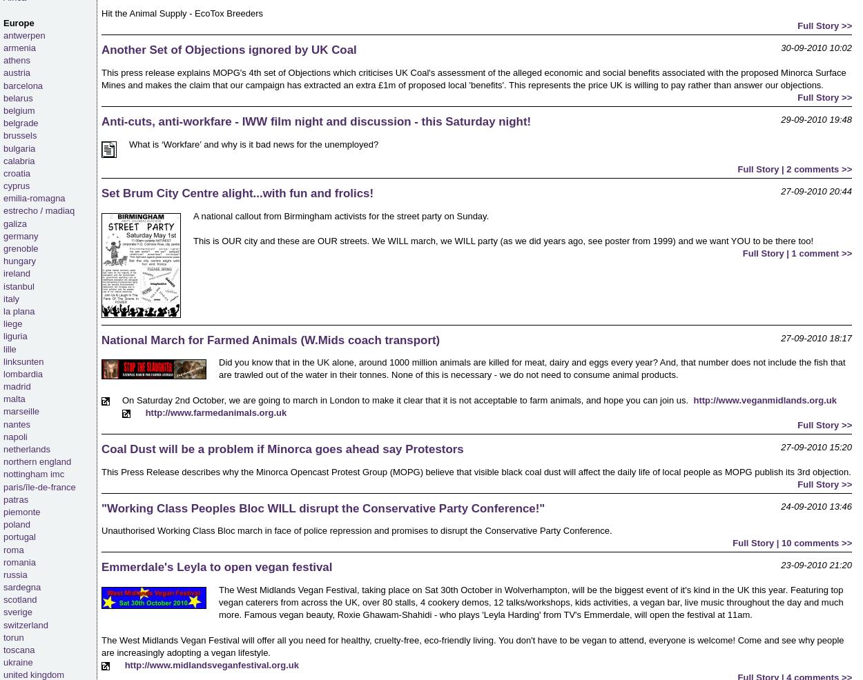 The width and height of the screenshot is (863, 680). I want to click on 'ireland', so click(17, 272).